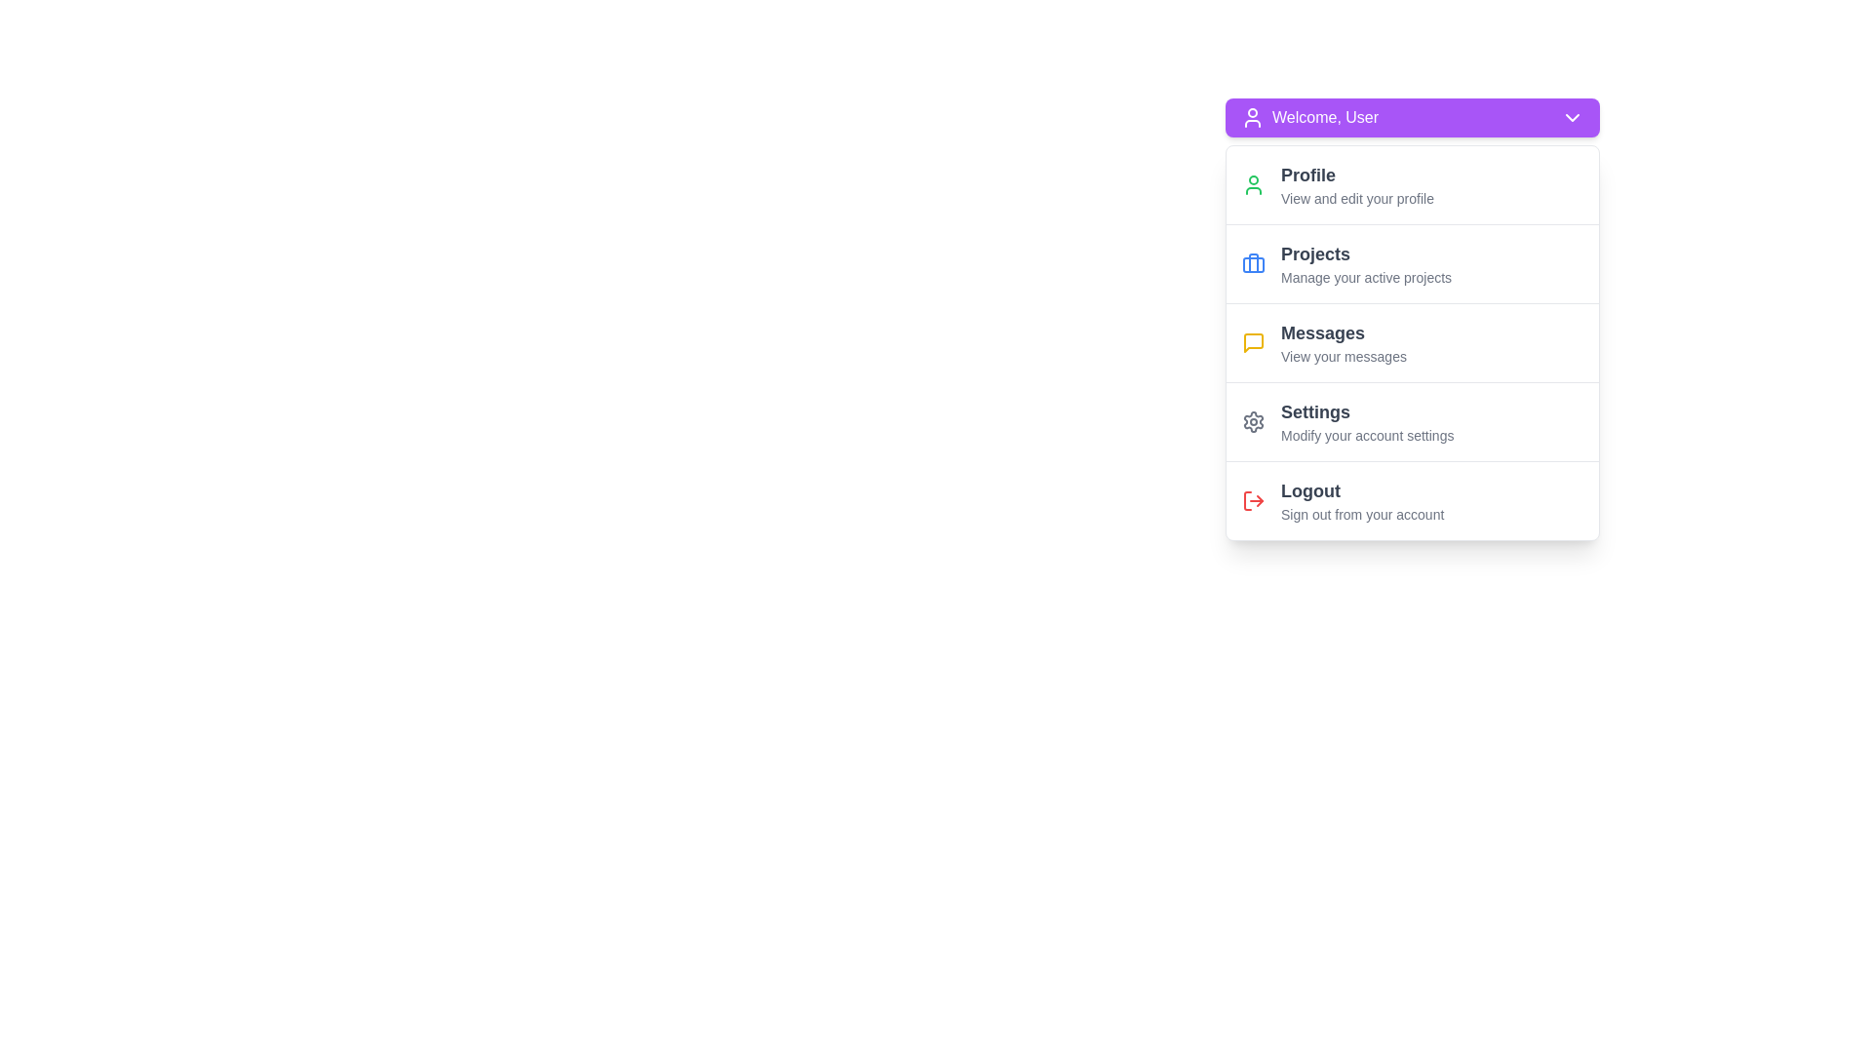  I want to click on the downward-chevron icon with a purple background located in the header next to the 'Welcome, User' message, so click(1572, 117).